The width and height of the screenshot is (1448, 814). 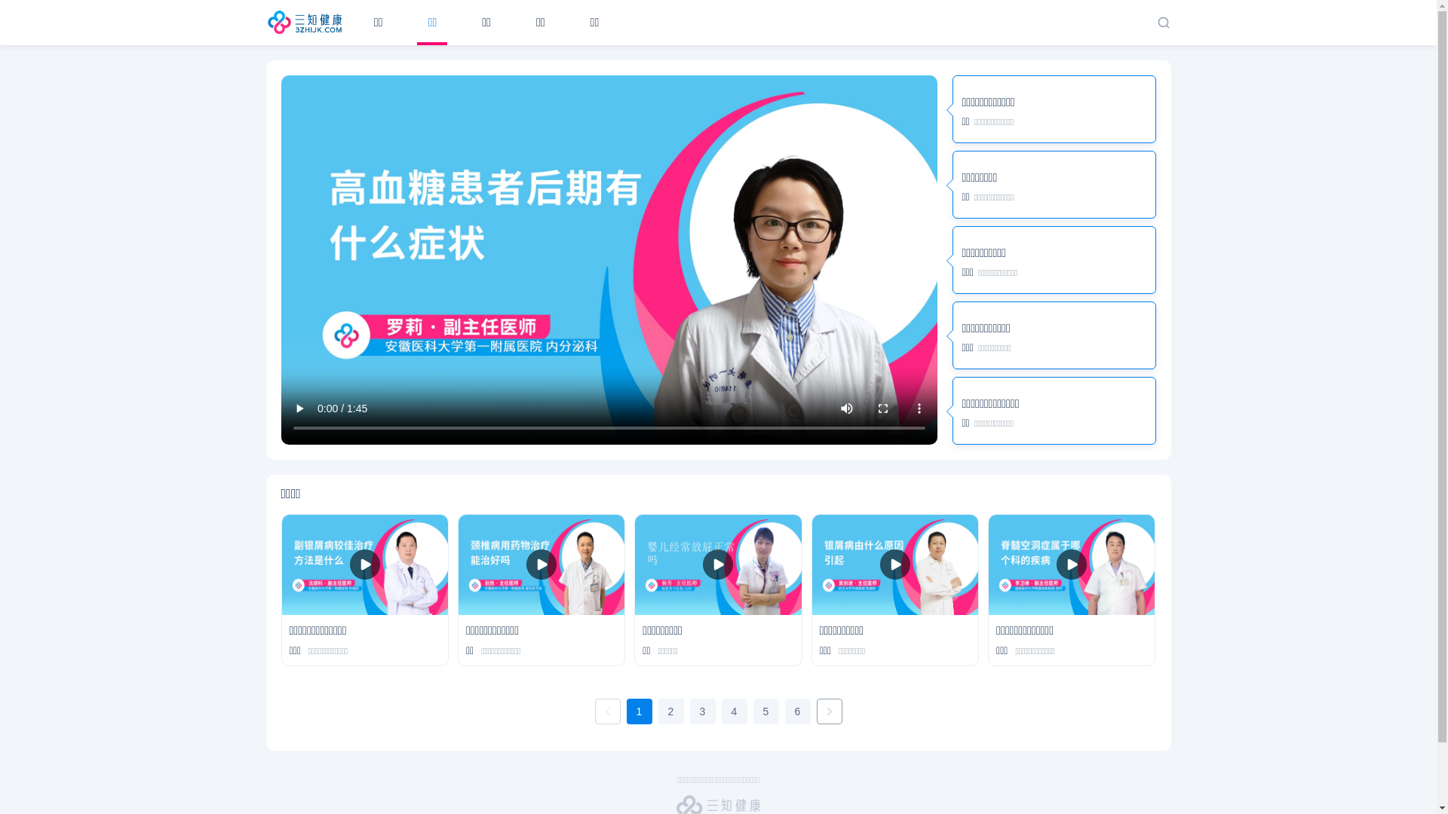 I want to click on '4', so click(x=734, y=711).